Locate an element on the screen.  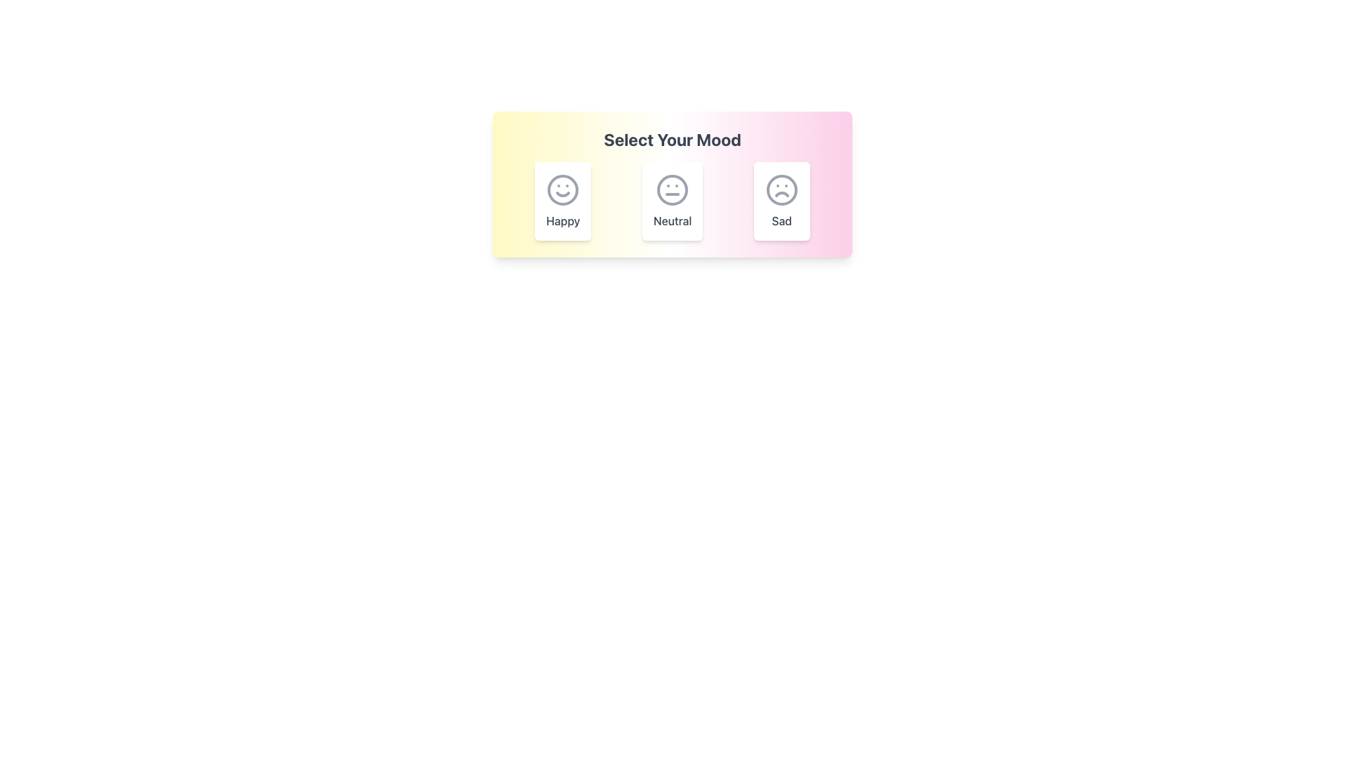
the 'Sad' mood icon located in the third mood selection card on the far right of the interface is located at coordinates (781, 189).